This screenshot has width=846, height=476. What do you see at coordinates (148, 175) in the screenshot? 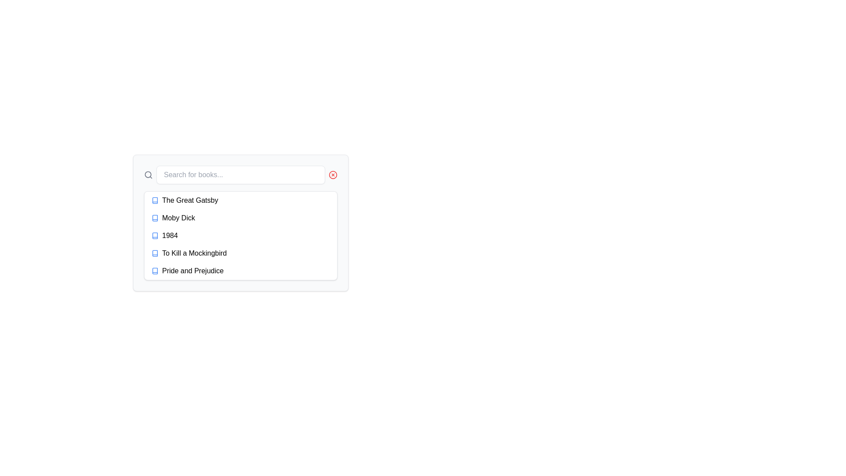
I see `the search icon located to the left of the search input field, which serves as a representation of the search functionality` at bounding box center [148, 175].